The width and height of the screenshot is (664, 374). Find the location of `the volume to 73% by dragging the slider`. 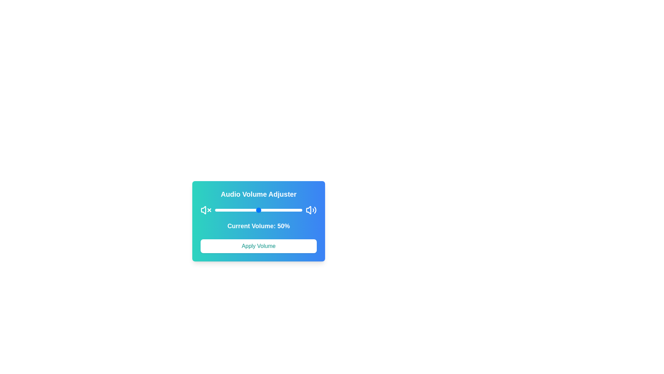

the volume to 73% by dragging the slider is located at coordinates (279, 210).